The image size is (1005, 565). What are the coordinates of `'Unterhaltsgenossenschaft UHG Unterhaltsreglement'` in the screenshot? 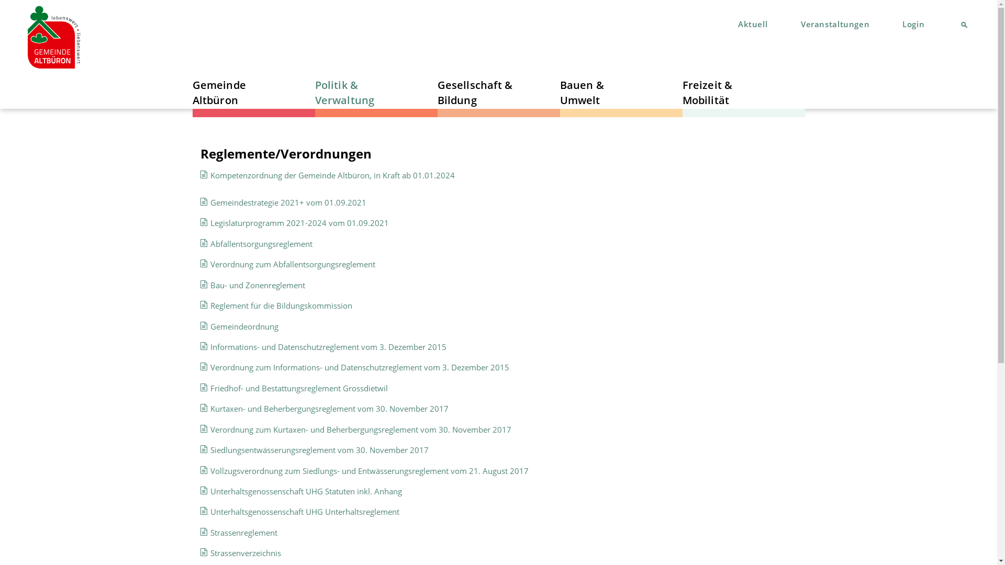 It's located at (304, 511).